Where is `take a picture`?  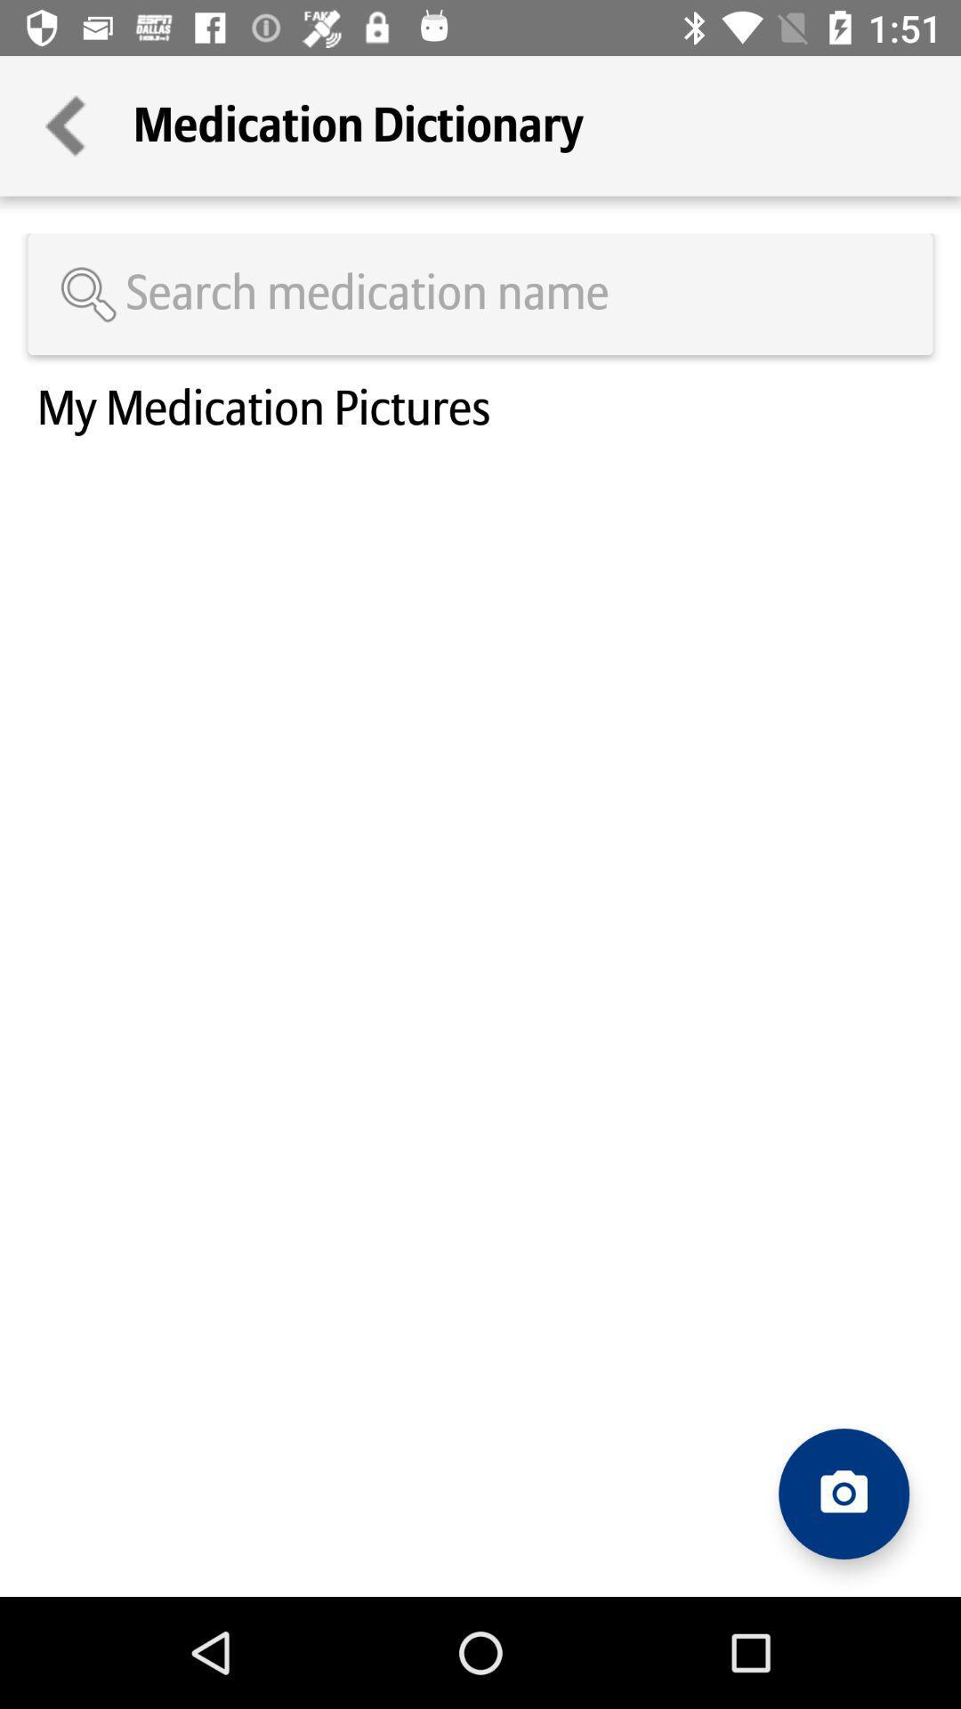
take a picture is located at coordinates (843, 1494).